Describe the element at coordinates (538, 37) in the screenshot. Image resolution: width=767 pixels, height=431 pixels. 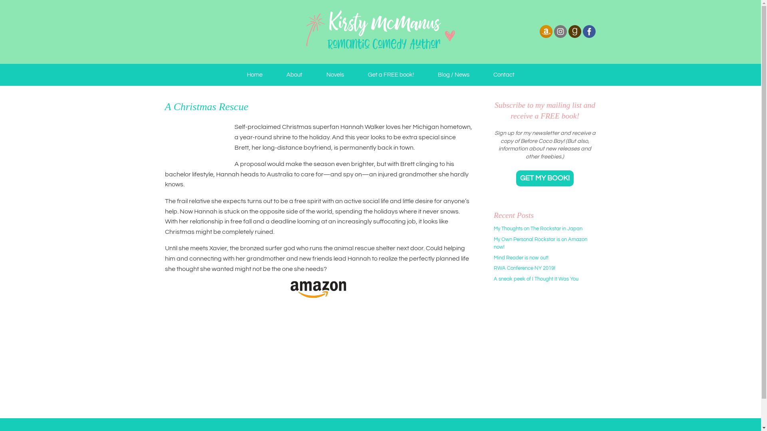
I see `'Amazon'` at that location.